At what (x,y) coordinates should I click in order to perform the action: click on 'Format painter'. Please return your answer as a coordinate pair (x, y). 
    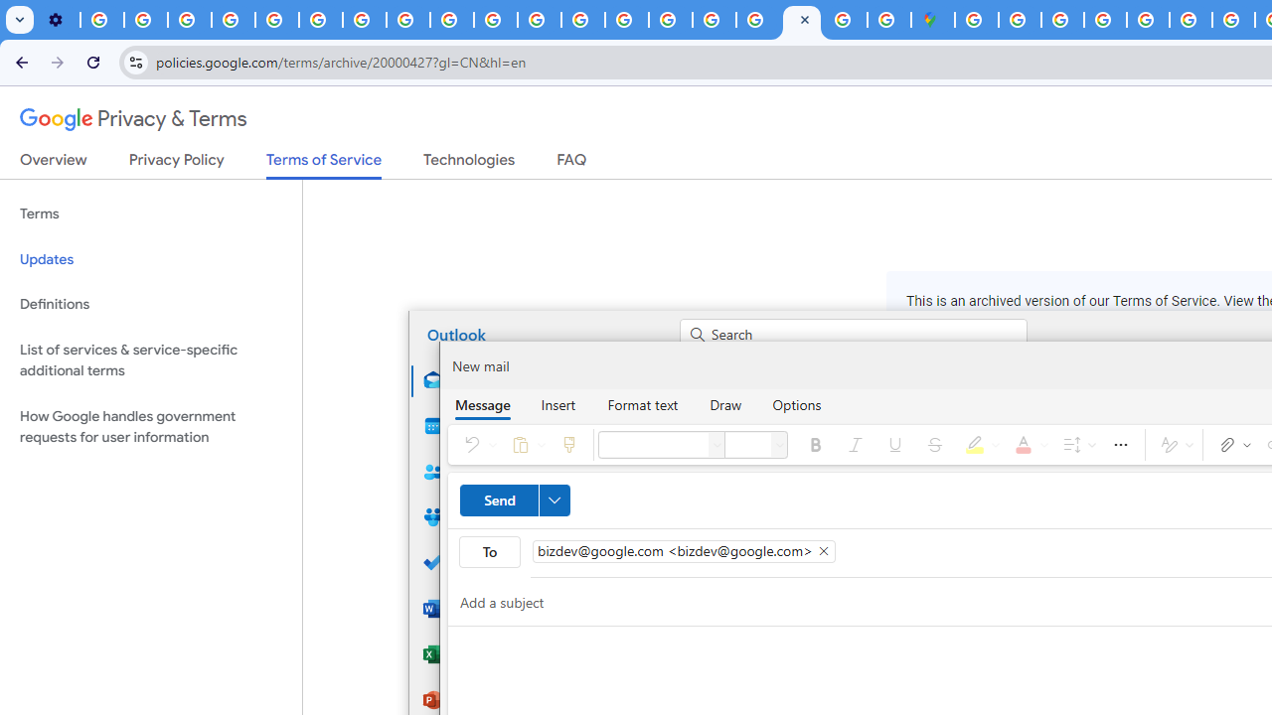
    Looking at the image, I should click on (567, 443).